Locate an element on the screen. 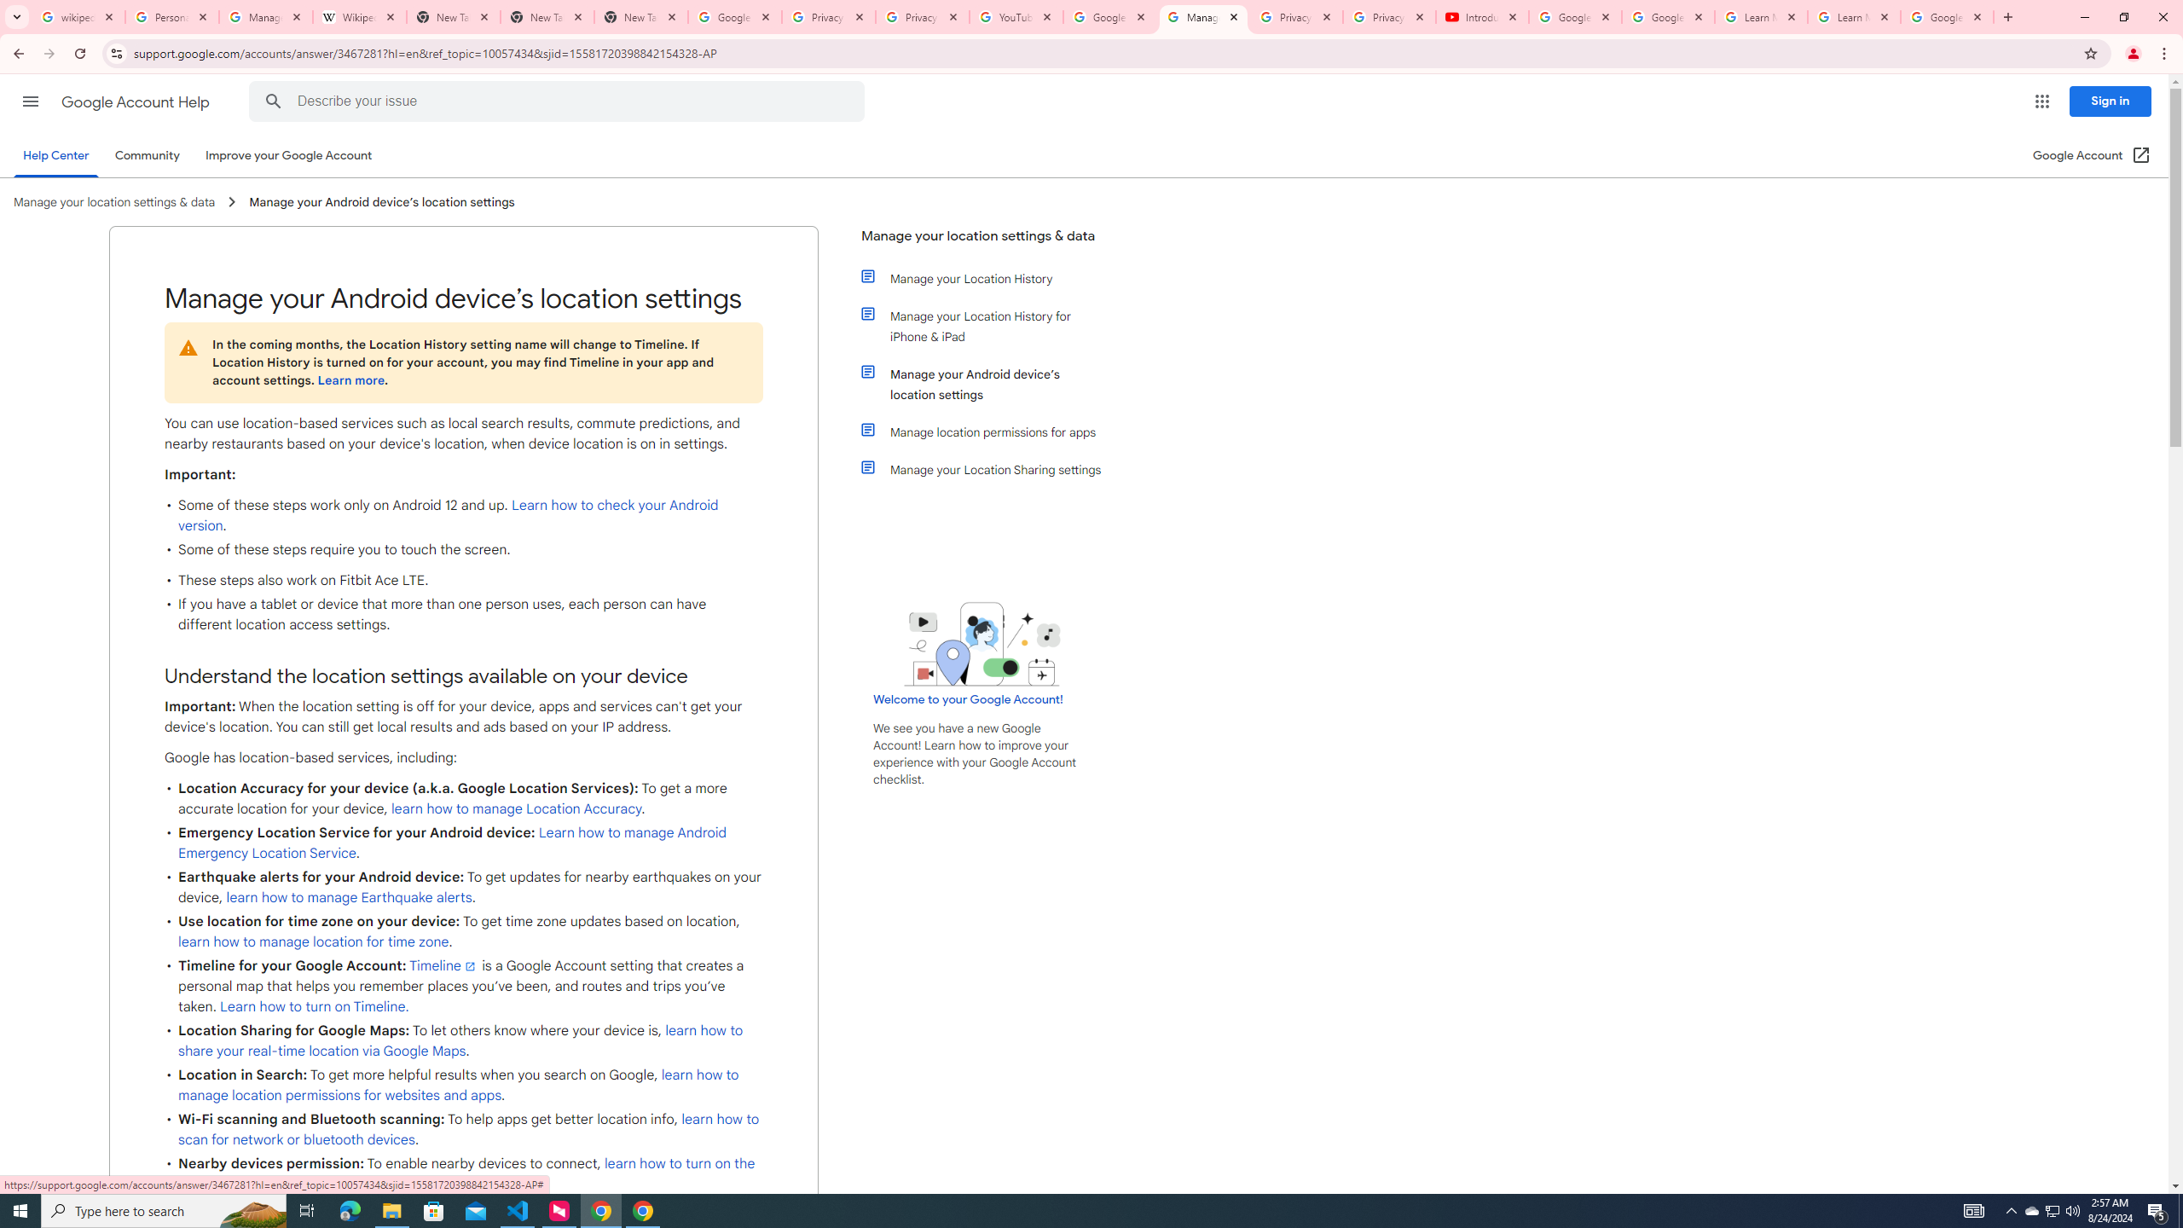 The image size is (2183, 1228). 'Learn how to turn on Timeline.' is located at coordinates (314, 1005).